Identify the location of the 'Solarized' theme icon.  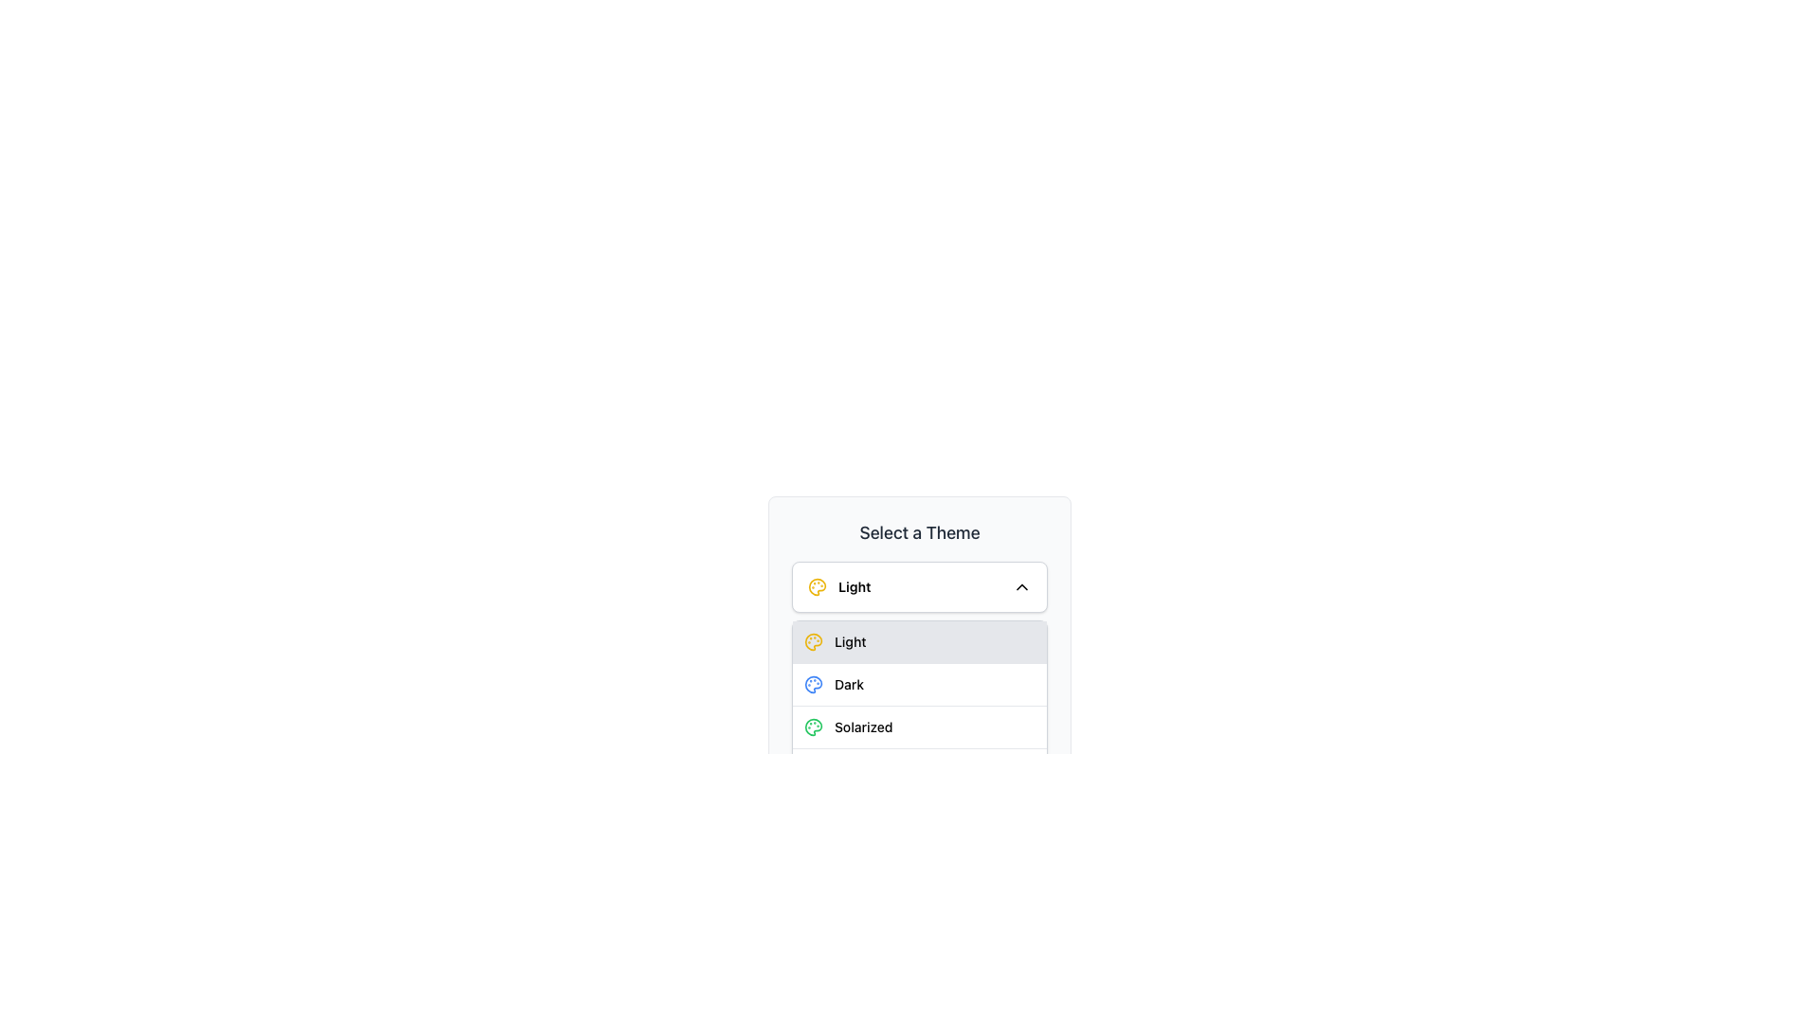
(814, 726).